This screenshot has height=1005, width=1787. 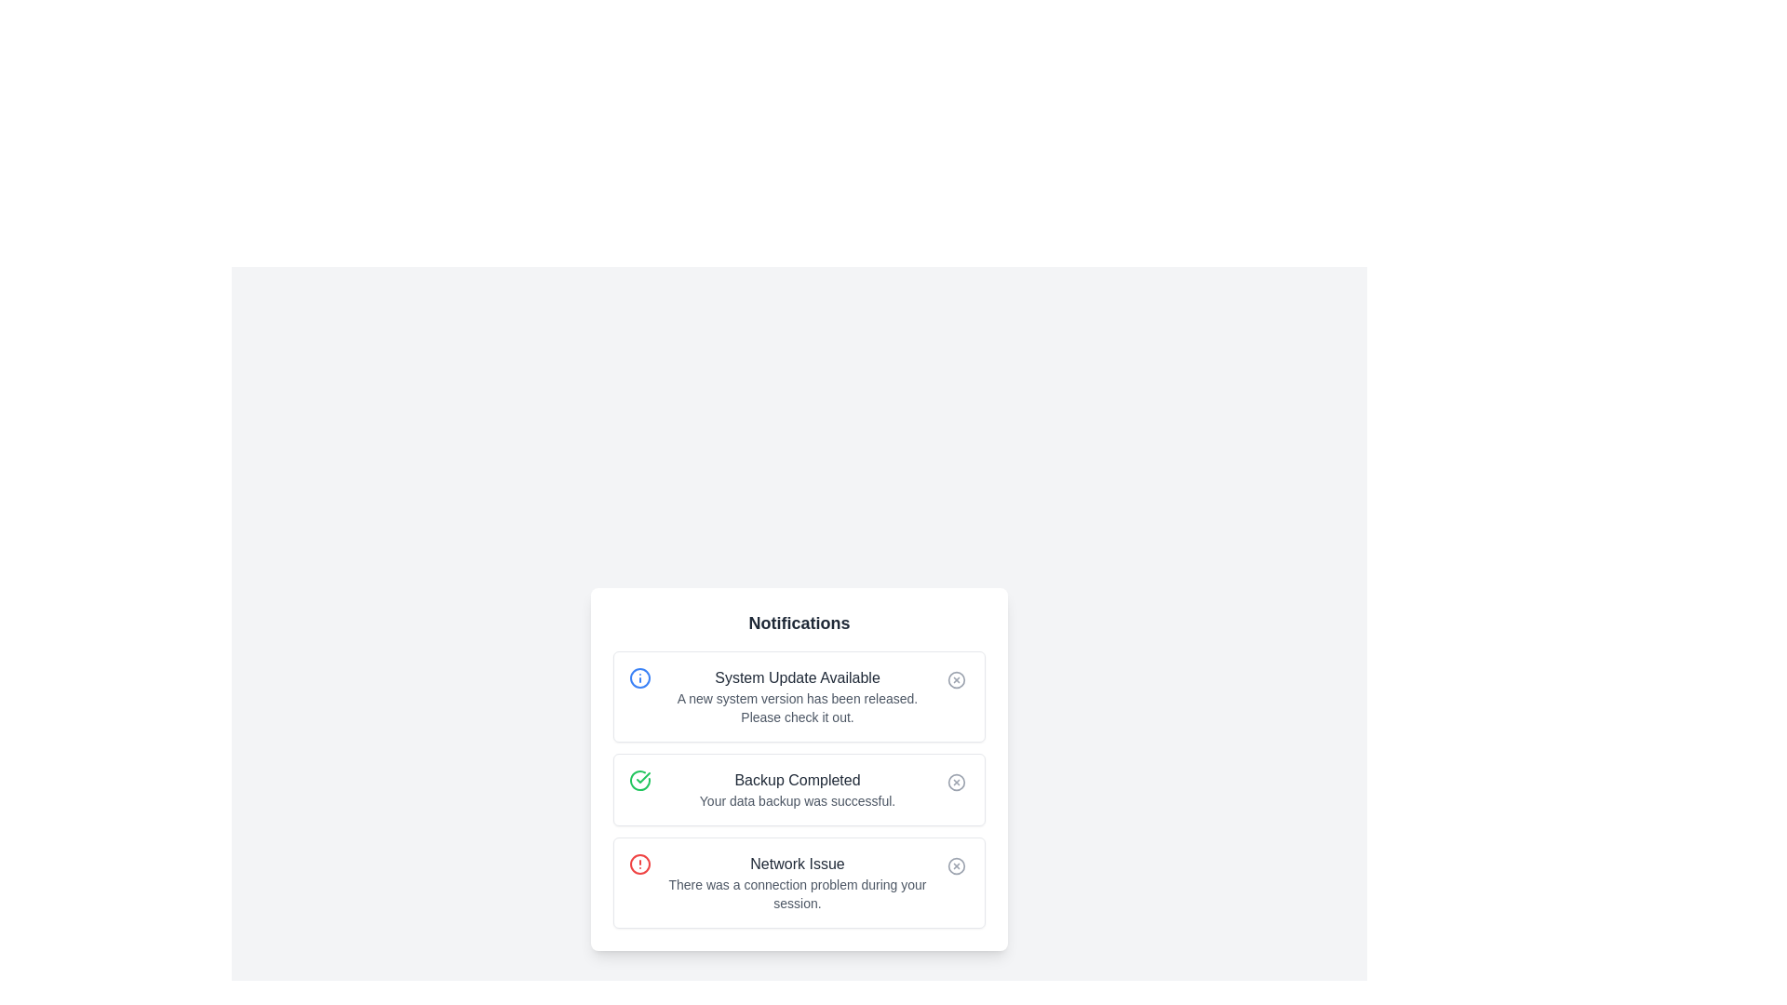 What do you see at coordinates (956, 782) in the screenshot?
I see `the circular dismiss button with a cross symbol in the second notification card labeled 'Backup Completed'` at bounding box center [956, 782].